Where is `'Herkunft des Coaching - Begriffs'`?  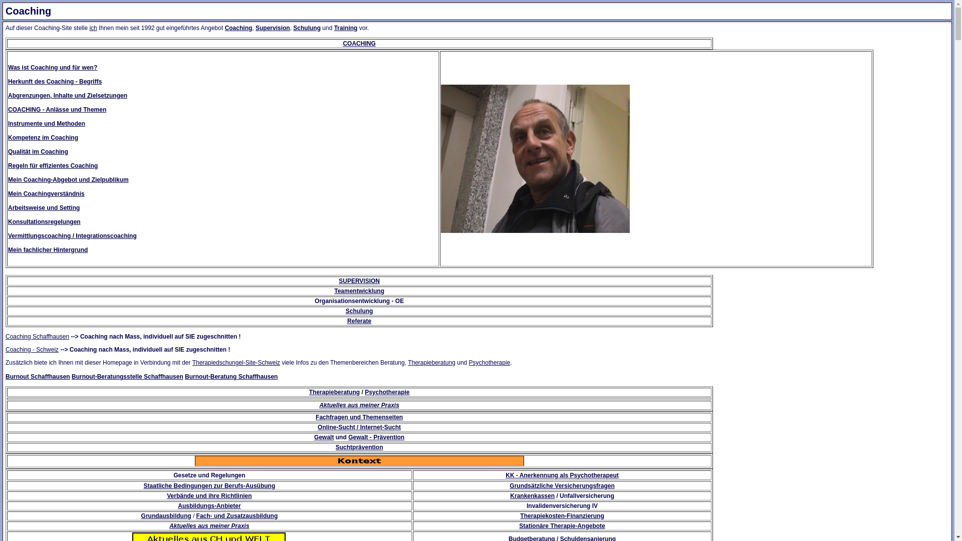
'Herkunft des Coaching - Begriffs' is located at coordinates (54, 81).